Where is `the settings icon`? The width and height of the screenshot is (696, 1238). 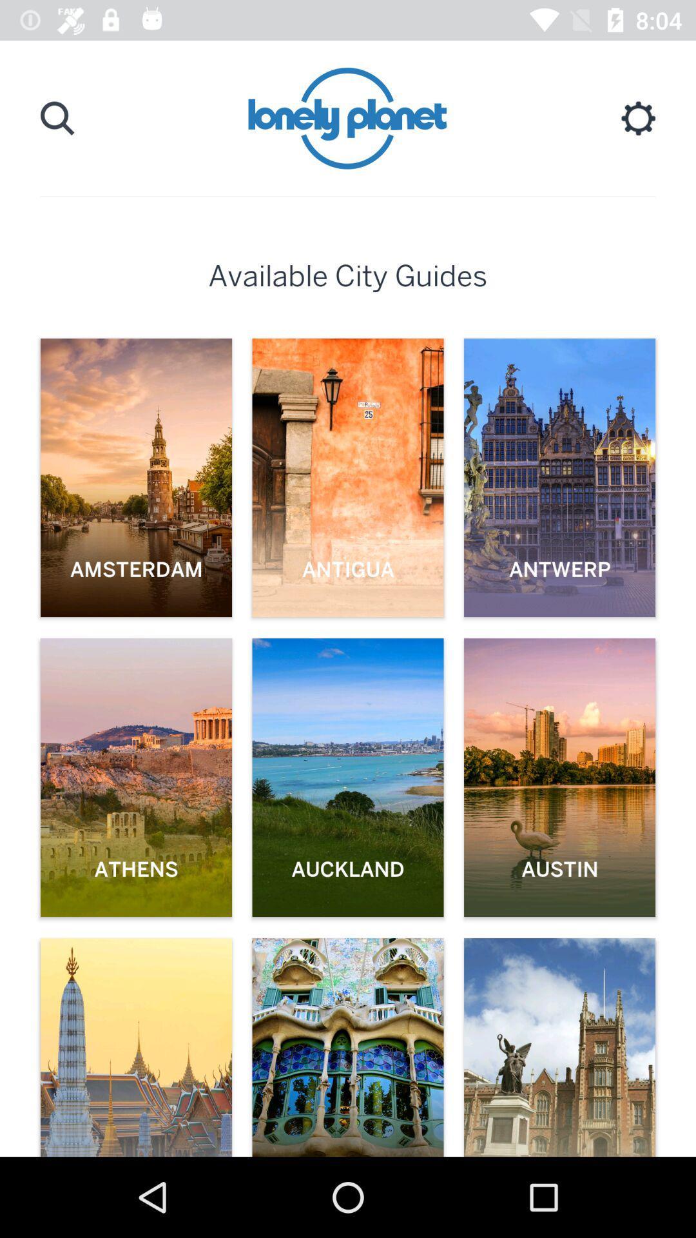
the settings icon is located at coordinates (638, 118).